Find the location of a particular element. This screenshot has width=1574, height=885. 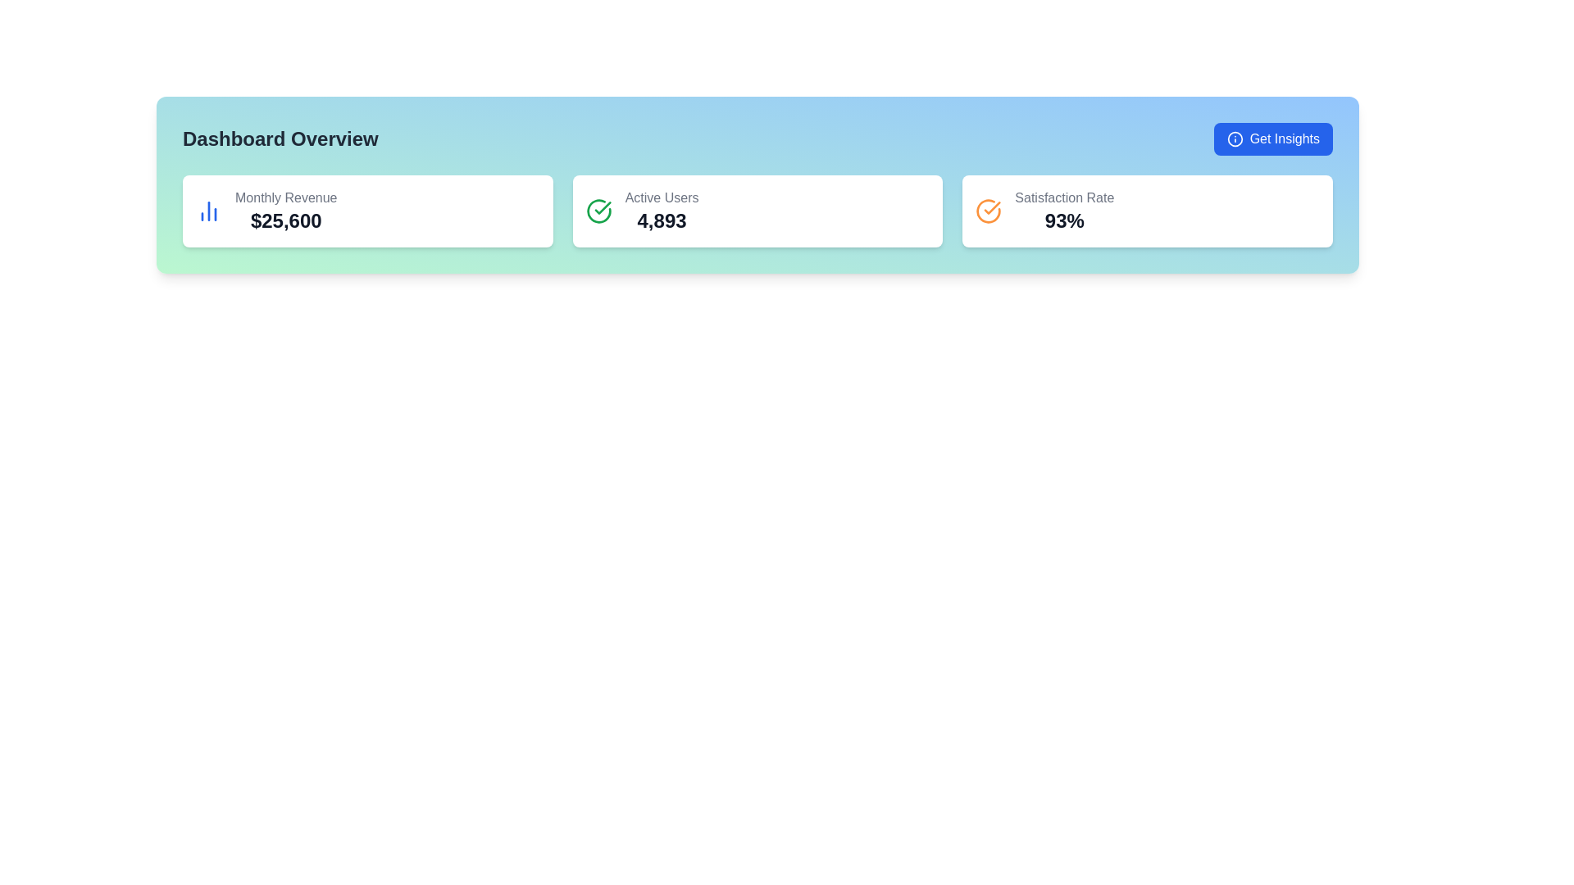

the circular icon component located to the left of the 'Get Insights' text within the button in the top right of the dashboard overview section is located at coordinates (1235, 138).